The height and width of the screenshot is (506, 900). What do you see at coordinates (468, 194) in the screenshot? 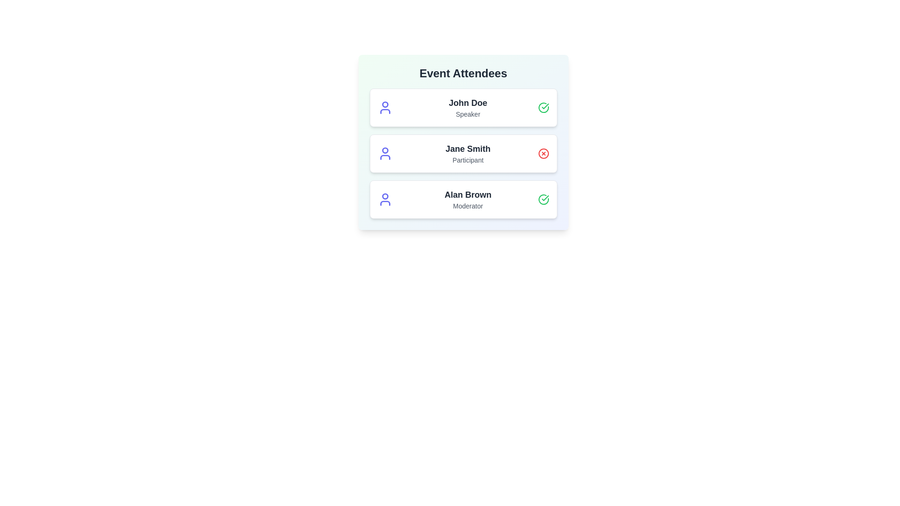
I see `the name of an attendee to view their details. The attendee can be selected using the parameter Alan Brown` at bounding box center [468, 194].